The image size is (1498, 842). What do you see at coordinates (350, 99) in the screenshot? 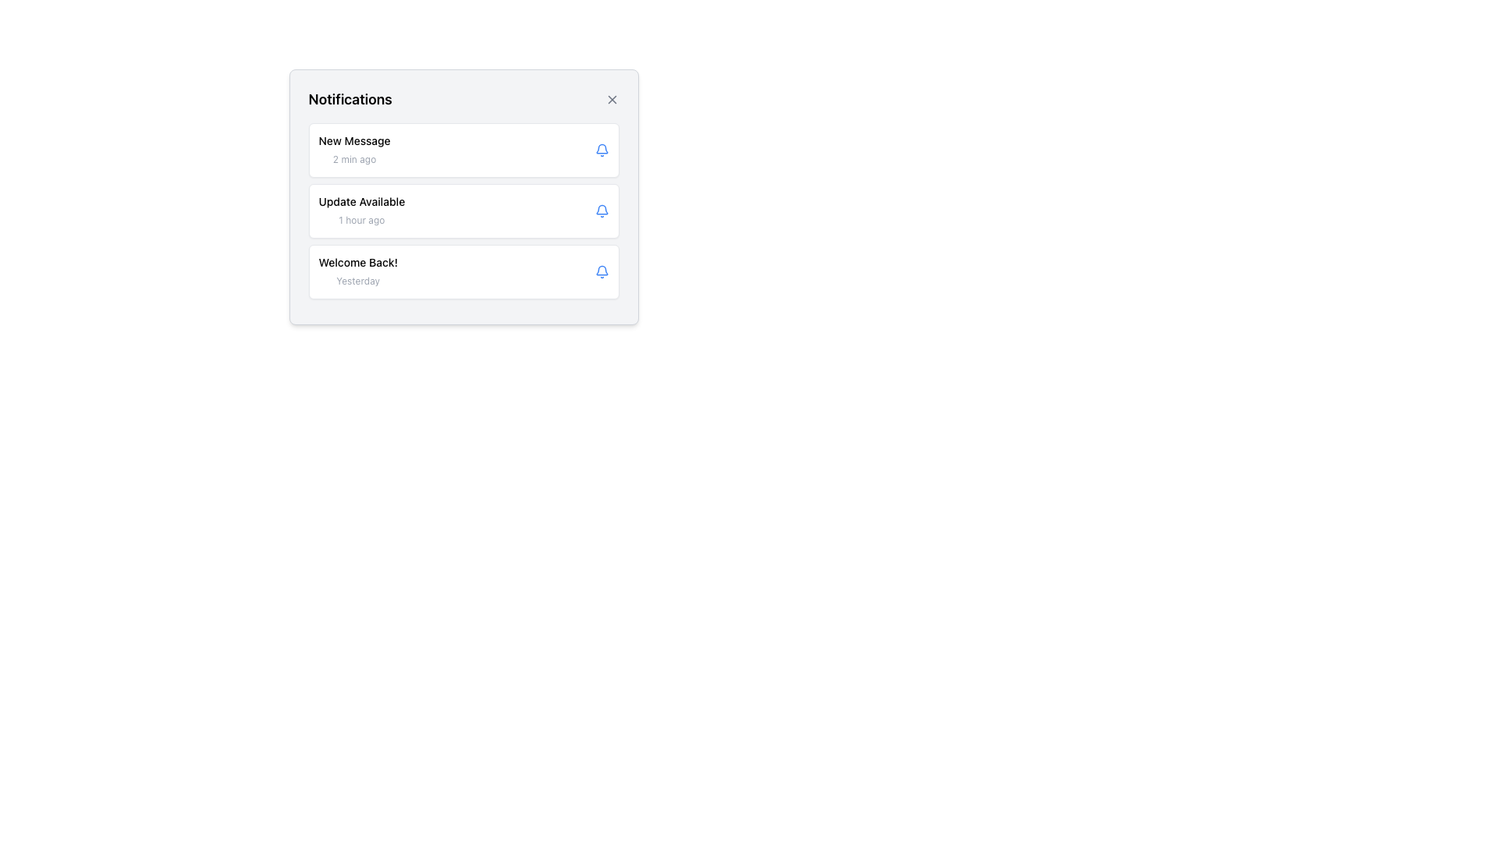
I see `the 'Notifications' text label, which is a bold black font heading located at the top-center of a notification card interface` at bounding box center [350, 99].